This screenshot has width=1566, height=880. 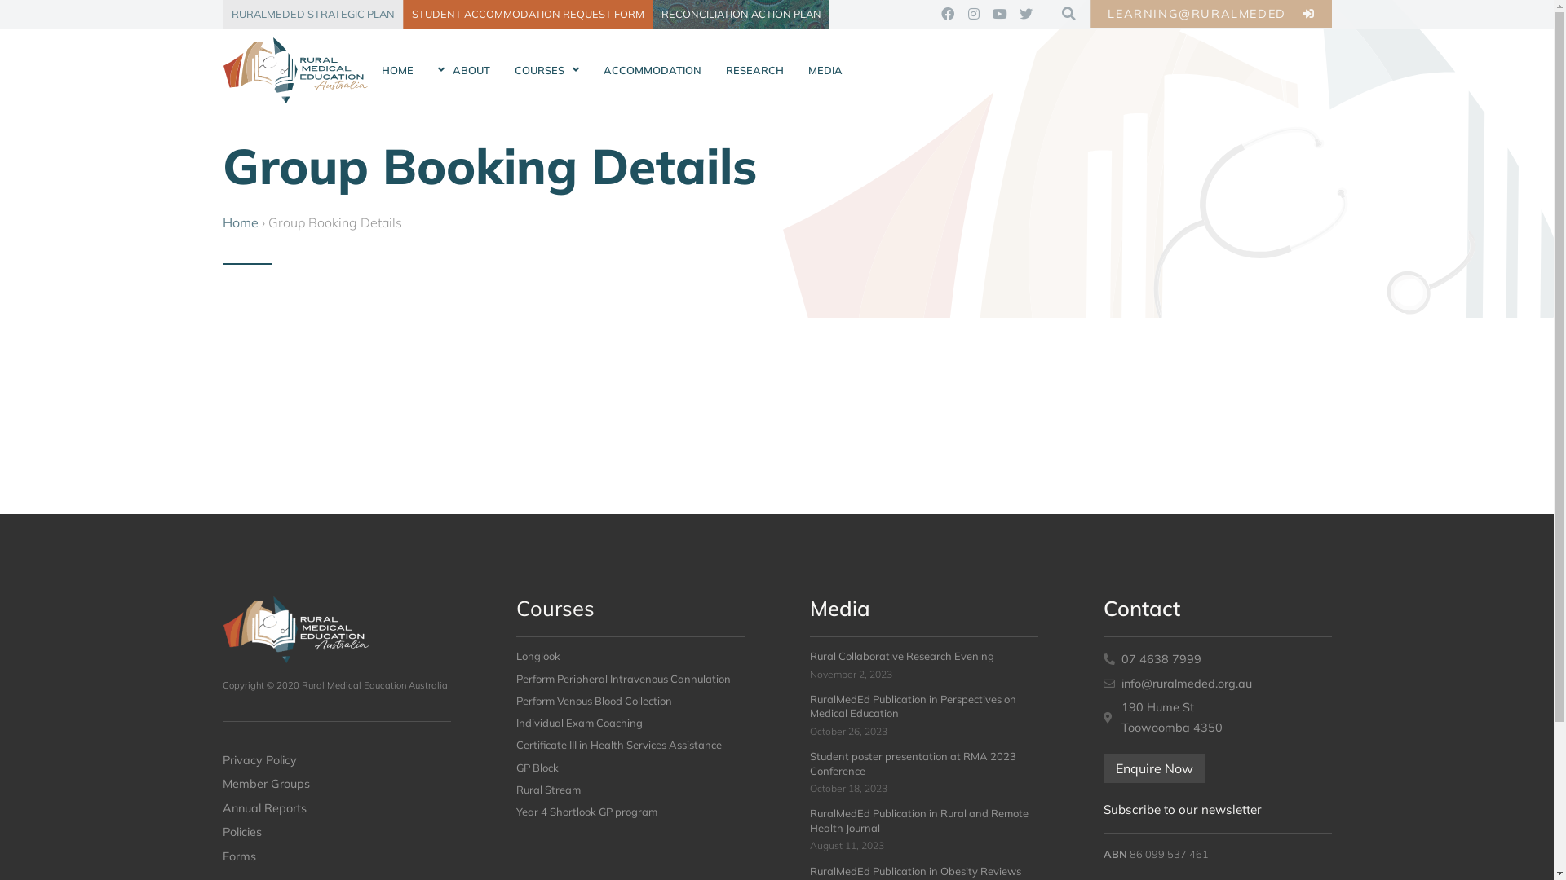 I want to click on 'ABOUT', so click(x=426, y=70).